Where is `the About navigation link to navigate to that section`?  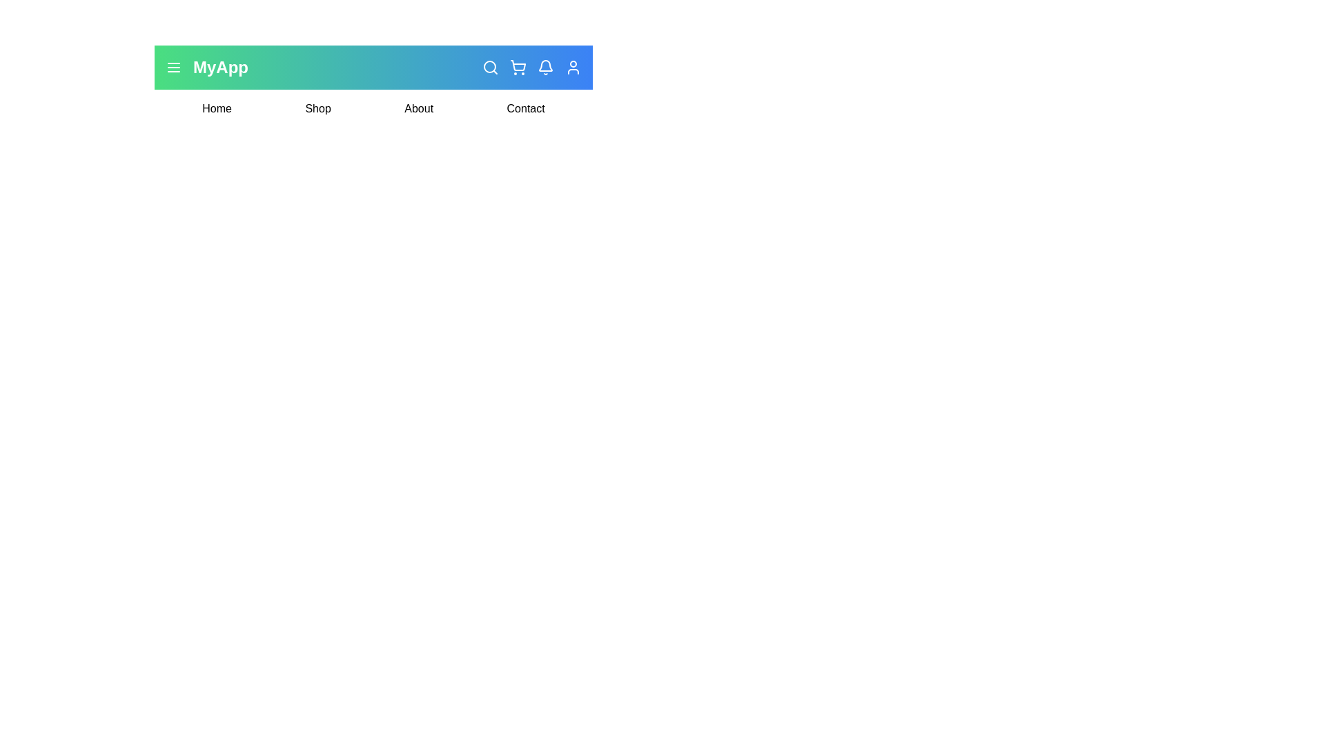 the About navigation link to navigate to that section is located at coordinates (418, 108).